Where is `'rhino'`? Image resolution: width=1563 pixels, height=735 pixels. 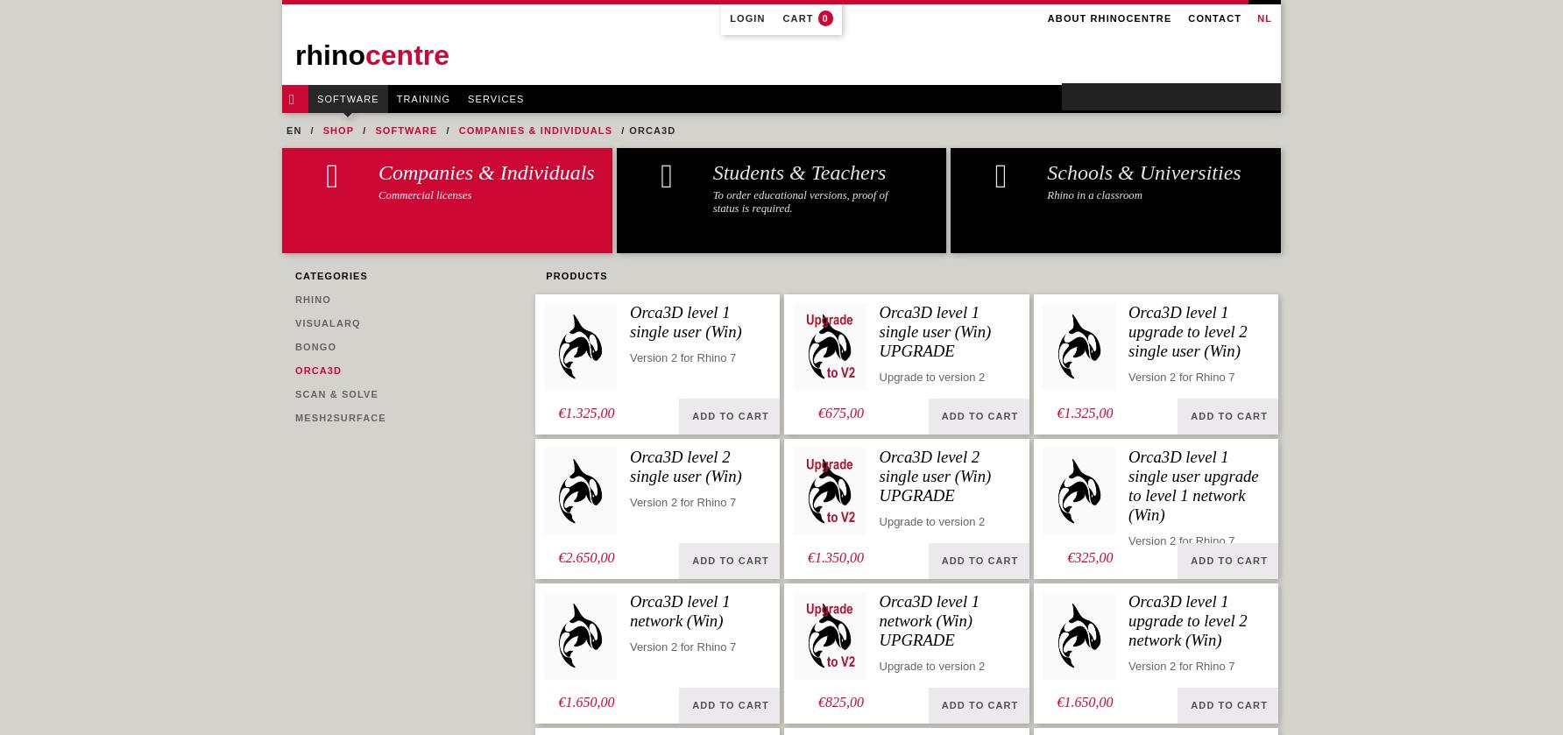
'rhino' is located at coordinates (329, 55).